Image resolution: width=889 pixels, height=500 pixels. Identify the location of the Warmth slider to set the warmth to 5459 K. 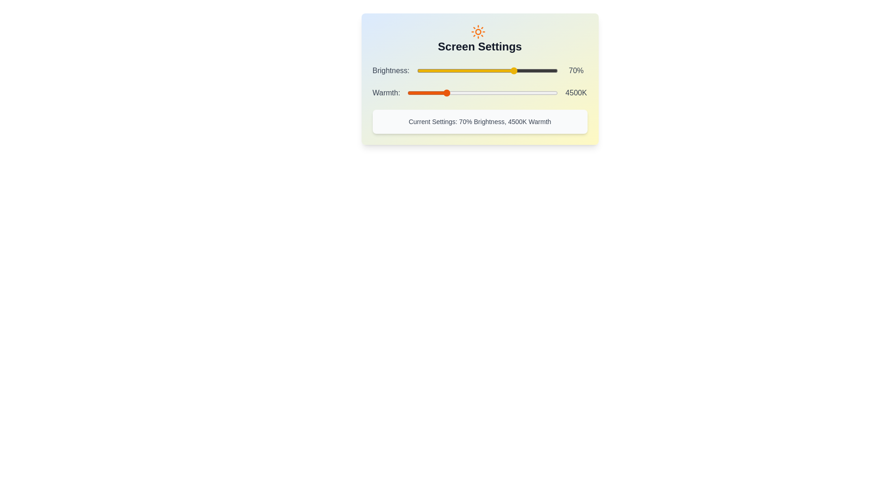
(469, 93).